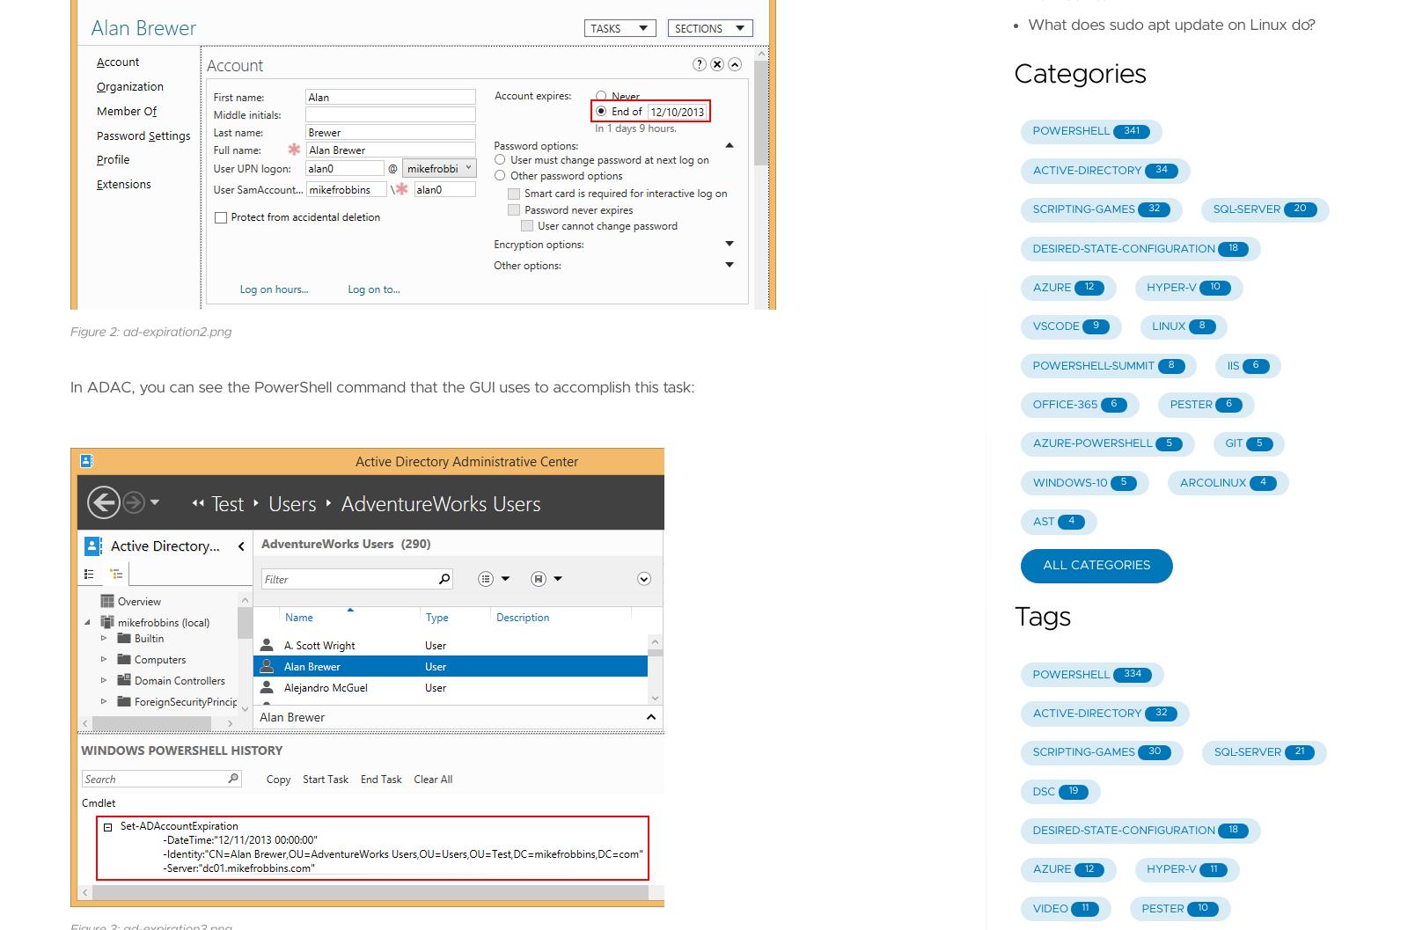  I want to click on '|', so click(569, 251).